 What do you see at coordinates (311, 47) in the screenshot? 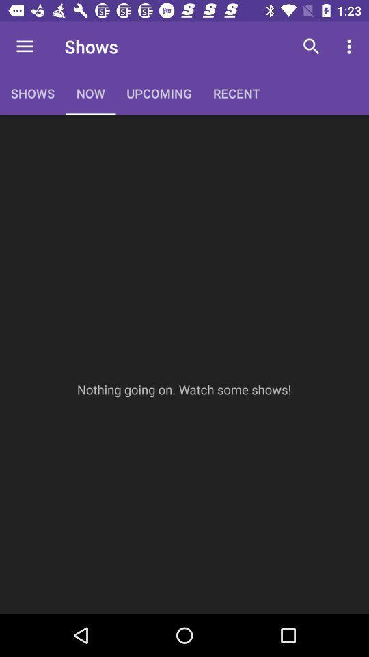
I see `item to the right of recent item` at bounding box center [311, 47].